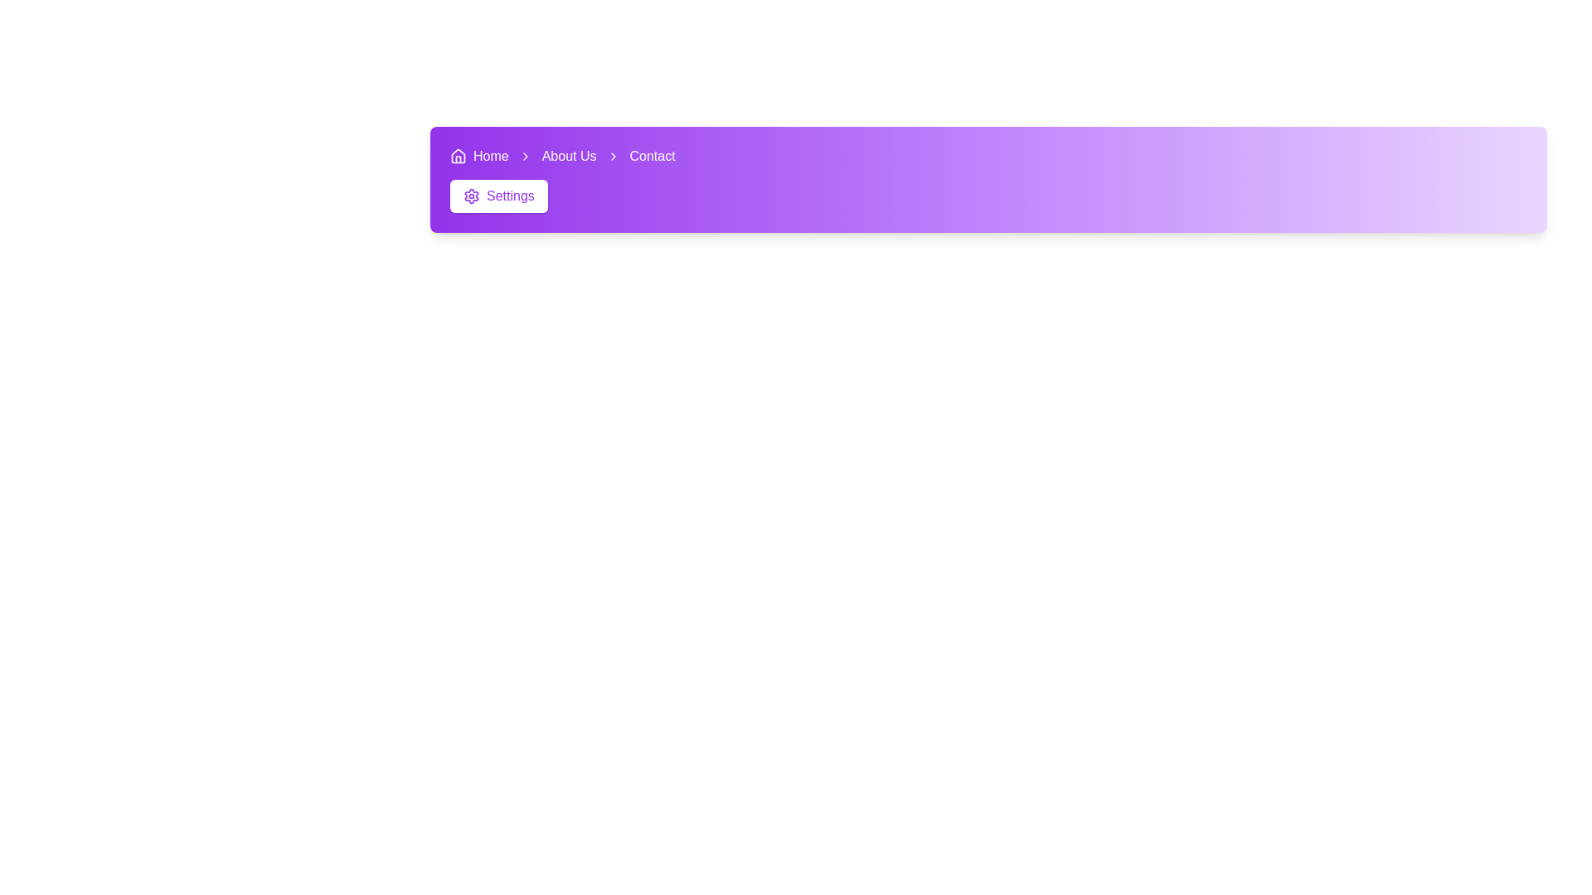  What do you see at coordinates (458, 156) in the screenshot?
I see `the house icon in the navigation bar, which is located to the left of the 'Home' text and represents the main page function` at bounding box center [458, 156].